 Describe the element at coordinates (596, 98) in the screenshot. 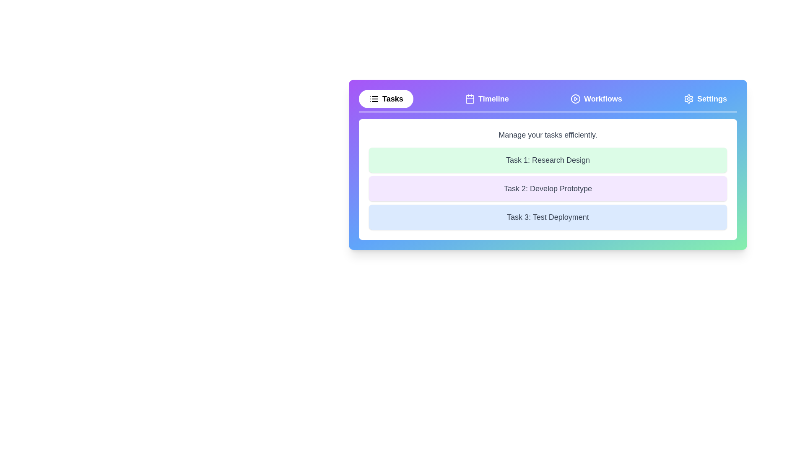

I see `the Workflows tab by clicking on the corresponding tab button` at that location.